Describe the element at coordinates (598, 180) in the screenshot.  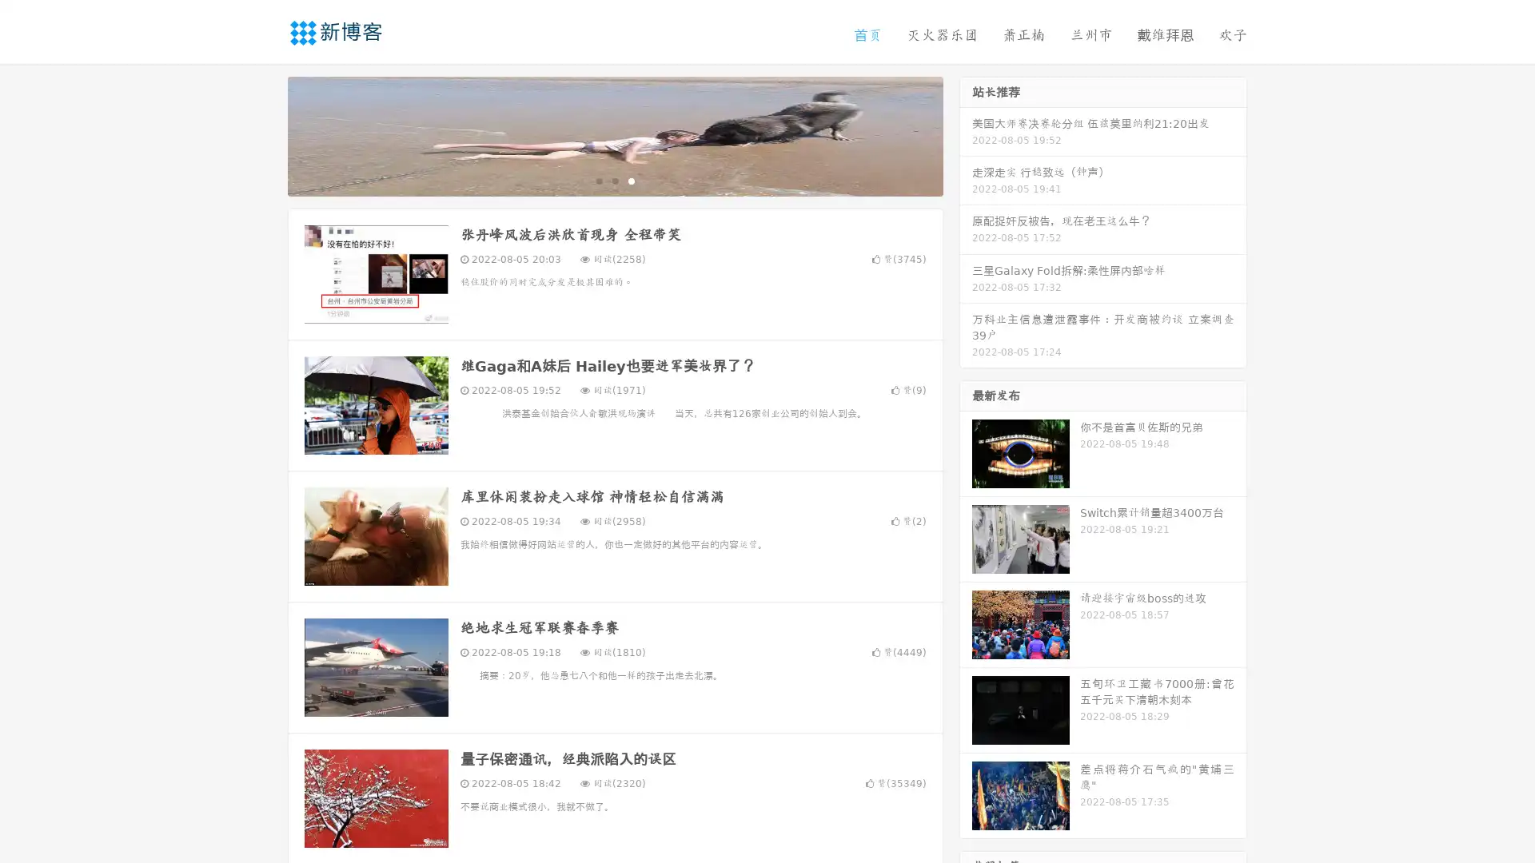
I see `Go to slide 1` at that location.